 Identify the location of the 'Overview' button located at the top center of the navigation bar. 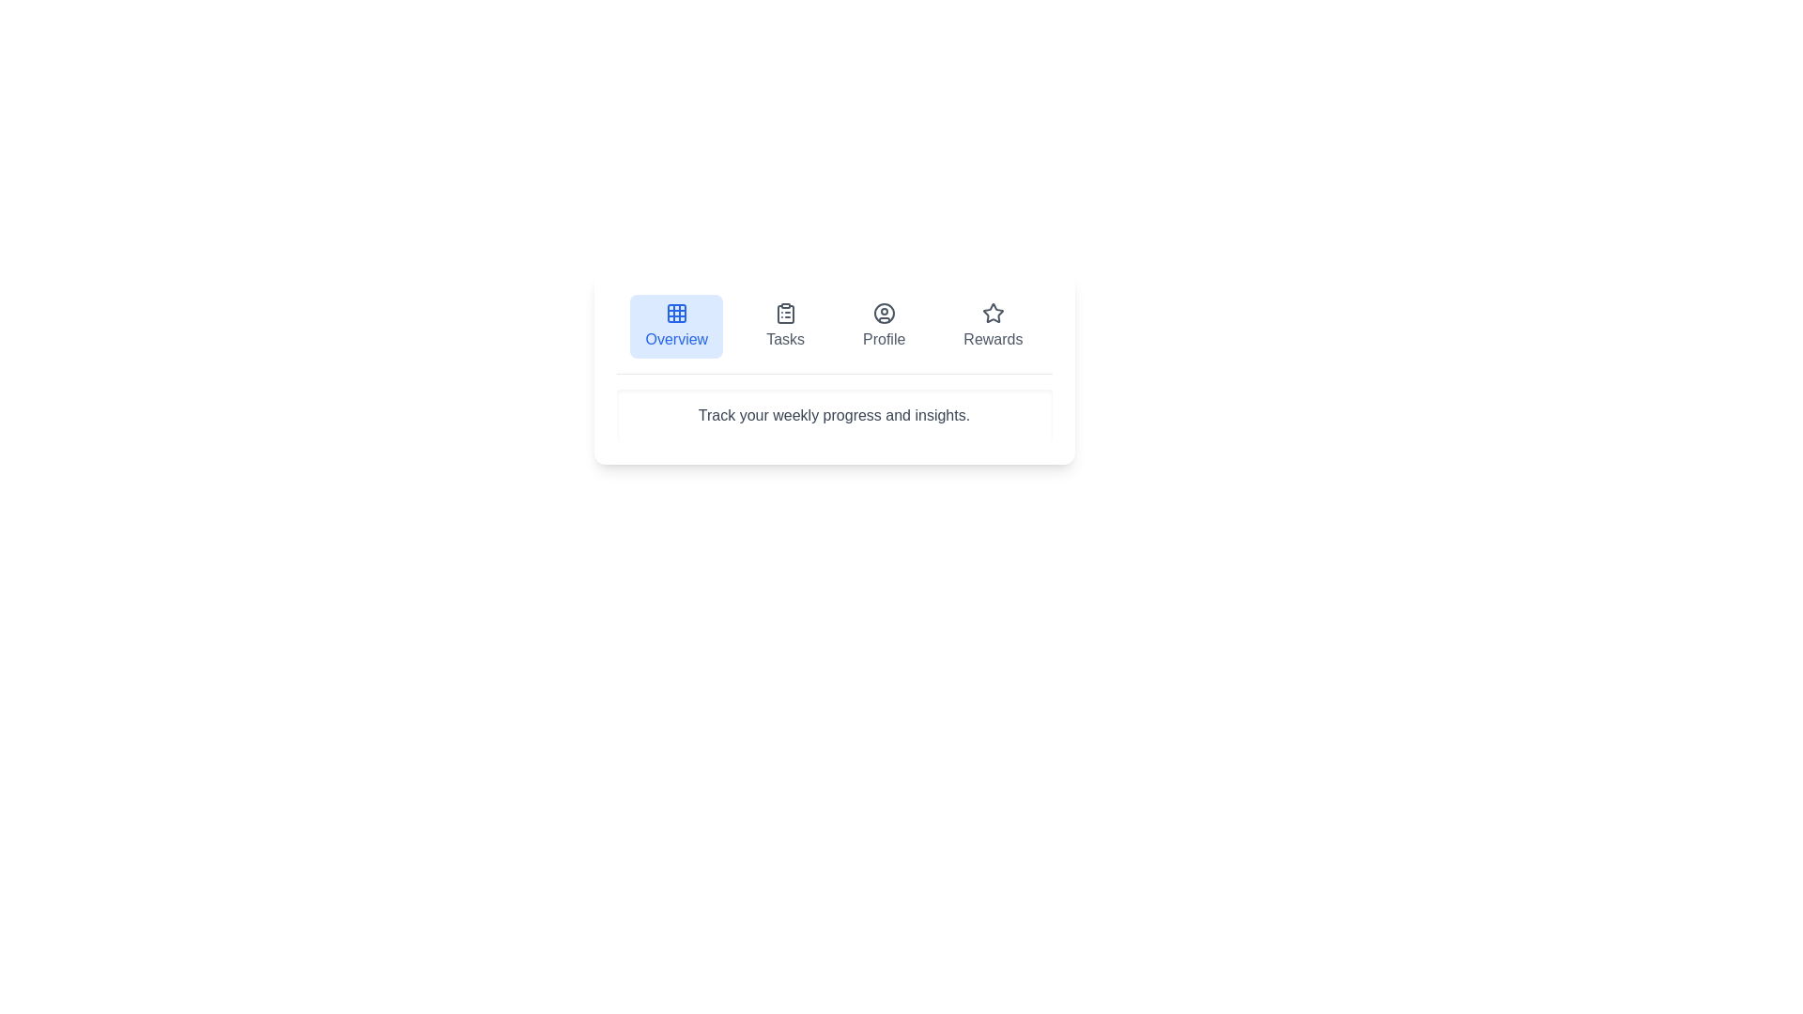
(676, 325).